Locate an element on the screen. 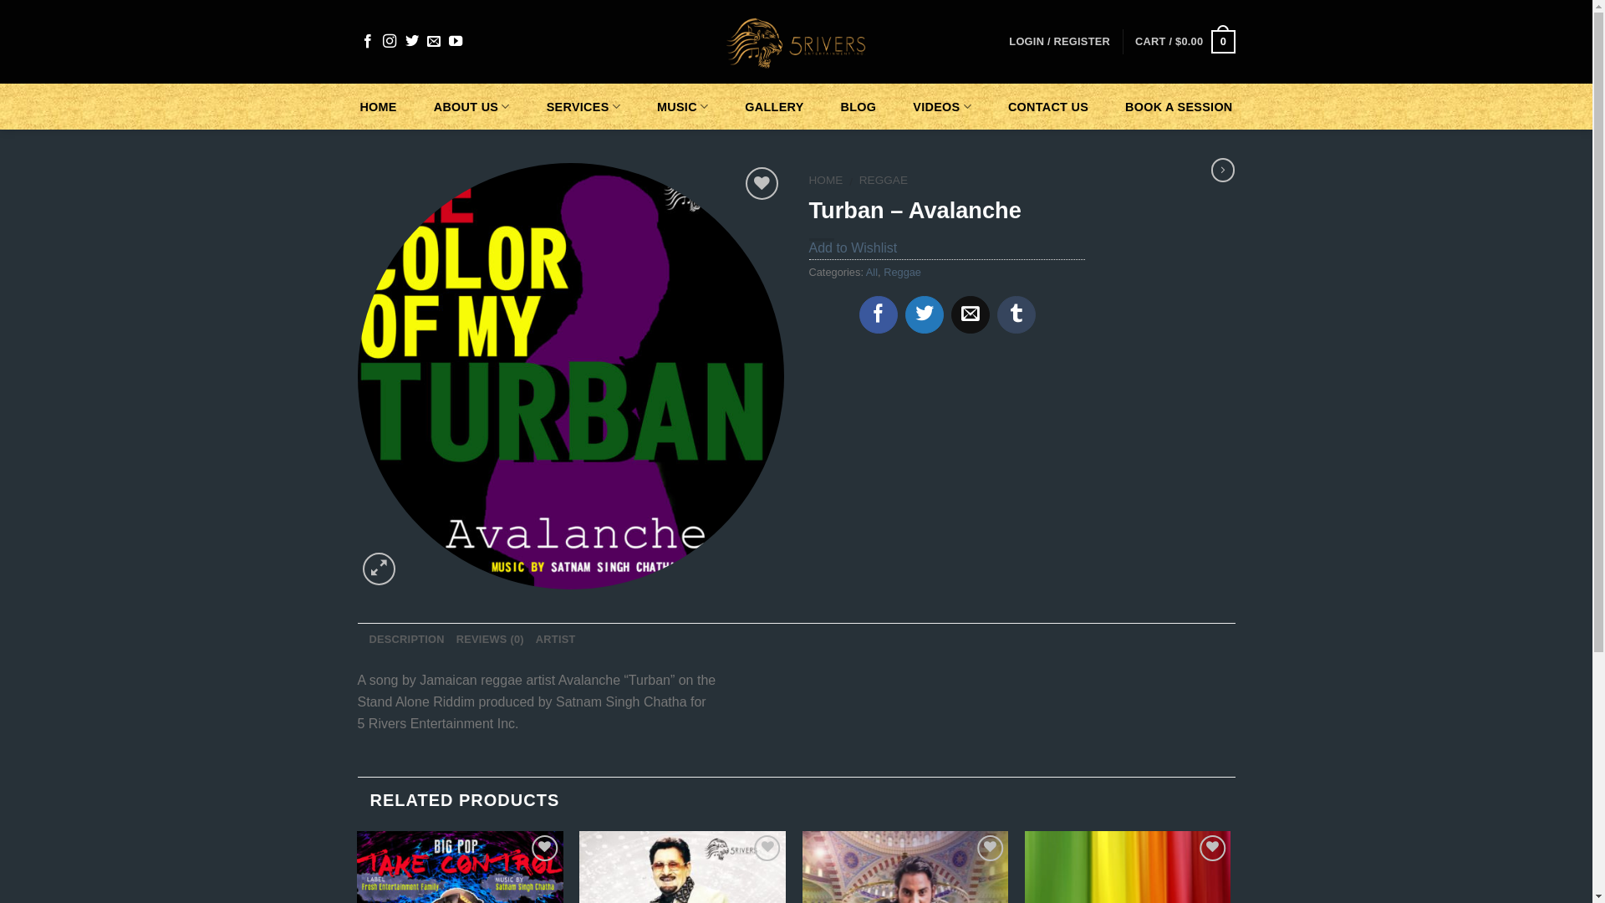 This screenshot has height=903, width=1605. 'REVIEWS (0)' is located at coordinates (489, 639).